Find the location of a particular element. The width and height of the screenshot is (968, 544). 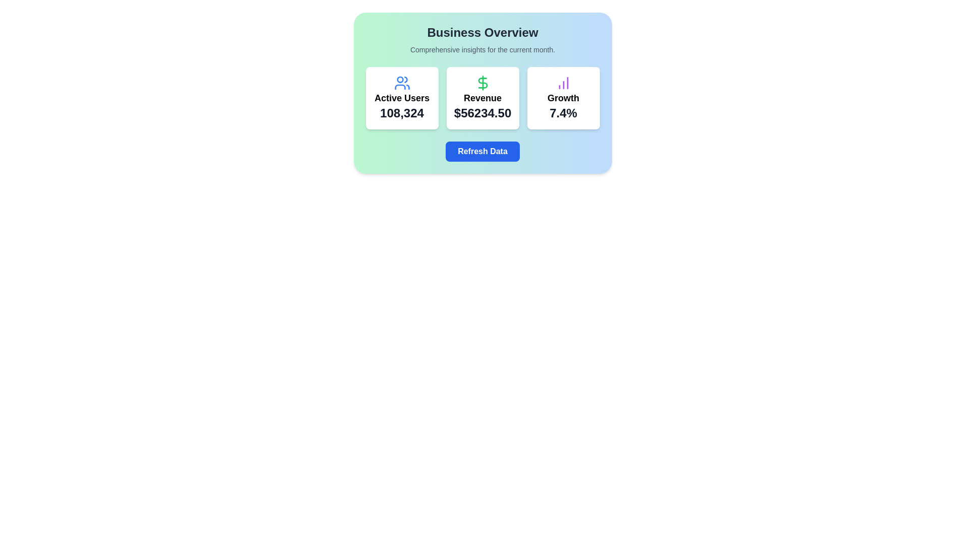

the green curved line pattern representing part of a dollar sign icon within the 'Revenue' card in the dashboard is located at coordinates (482, 83).